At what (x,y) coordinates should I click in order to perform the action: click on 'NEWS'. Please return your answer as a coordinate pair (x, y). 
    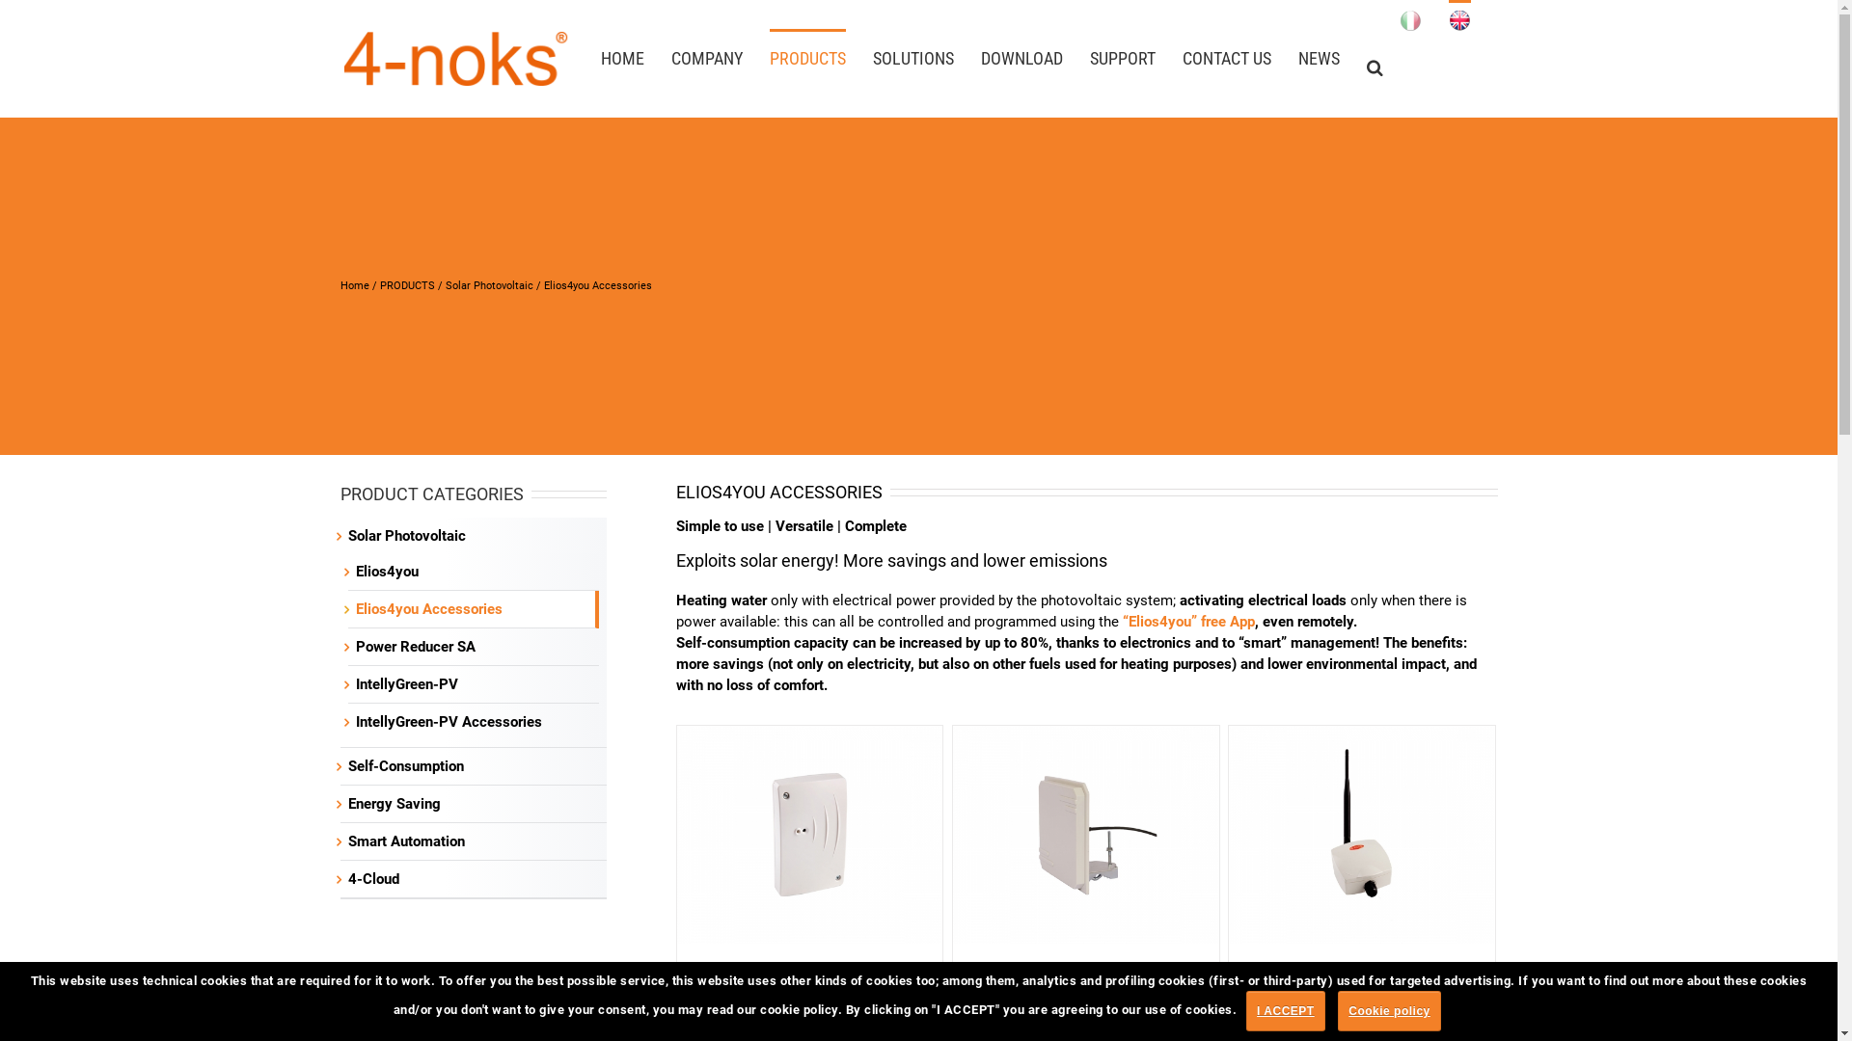
    Looking at the image, I should click on (1318, 55).